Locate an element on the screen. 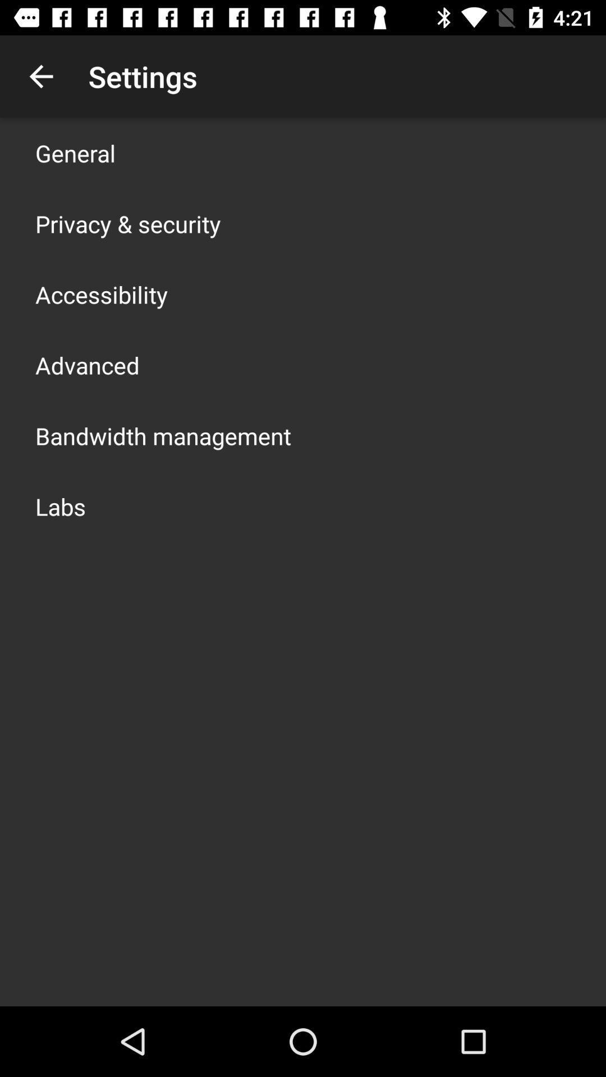  app next to the settings app is located at coordinates (40, 76).